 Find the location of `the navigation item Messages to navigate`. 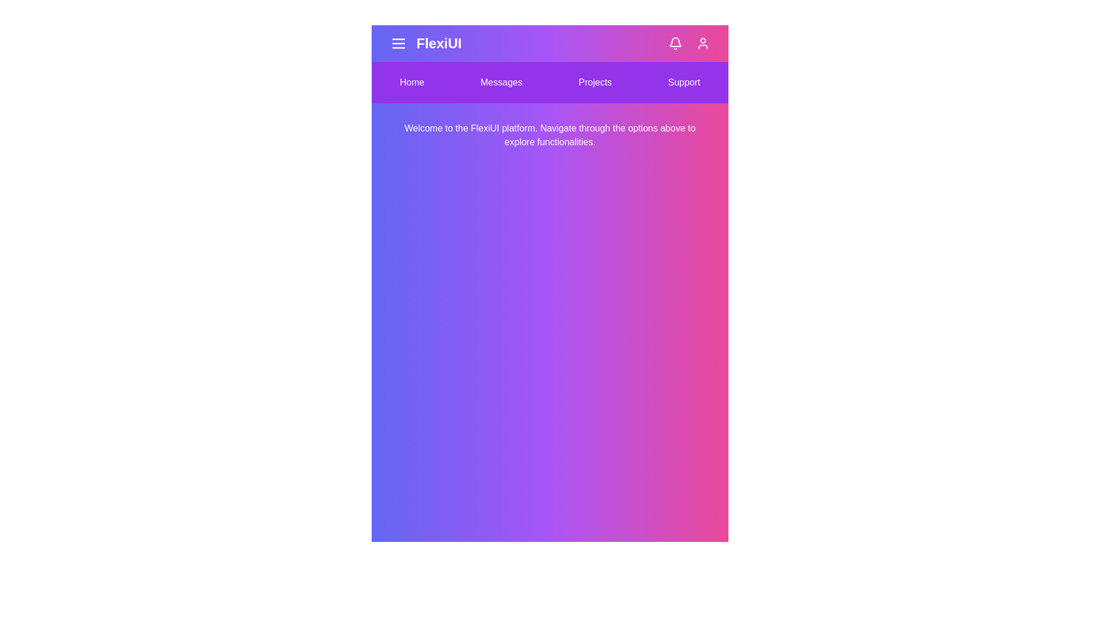

the navigation item Messages to navigate is located at coordinates (502, 82).